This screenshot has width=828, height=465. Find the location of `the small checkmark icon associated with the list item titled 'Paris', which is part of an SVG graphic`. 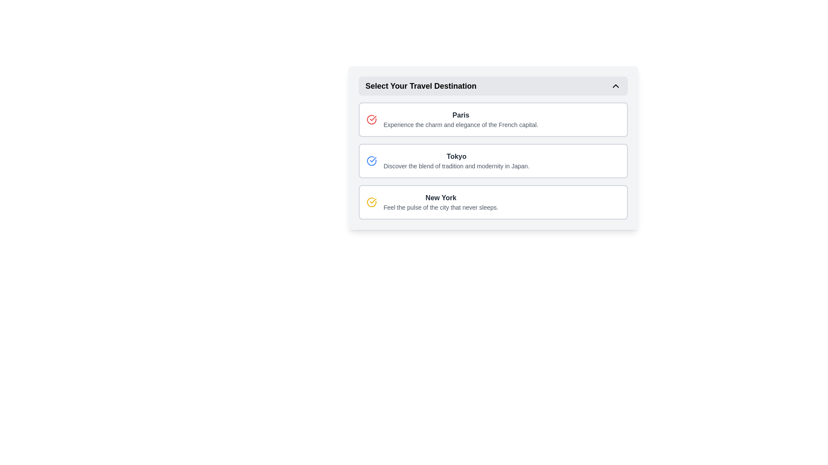

the small checkmark icon associated with the list item titled 'Paris', which is part of an SVG graphic is located at coordinates (373, 118).